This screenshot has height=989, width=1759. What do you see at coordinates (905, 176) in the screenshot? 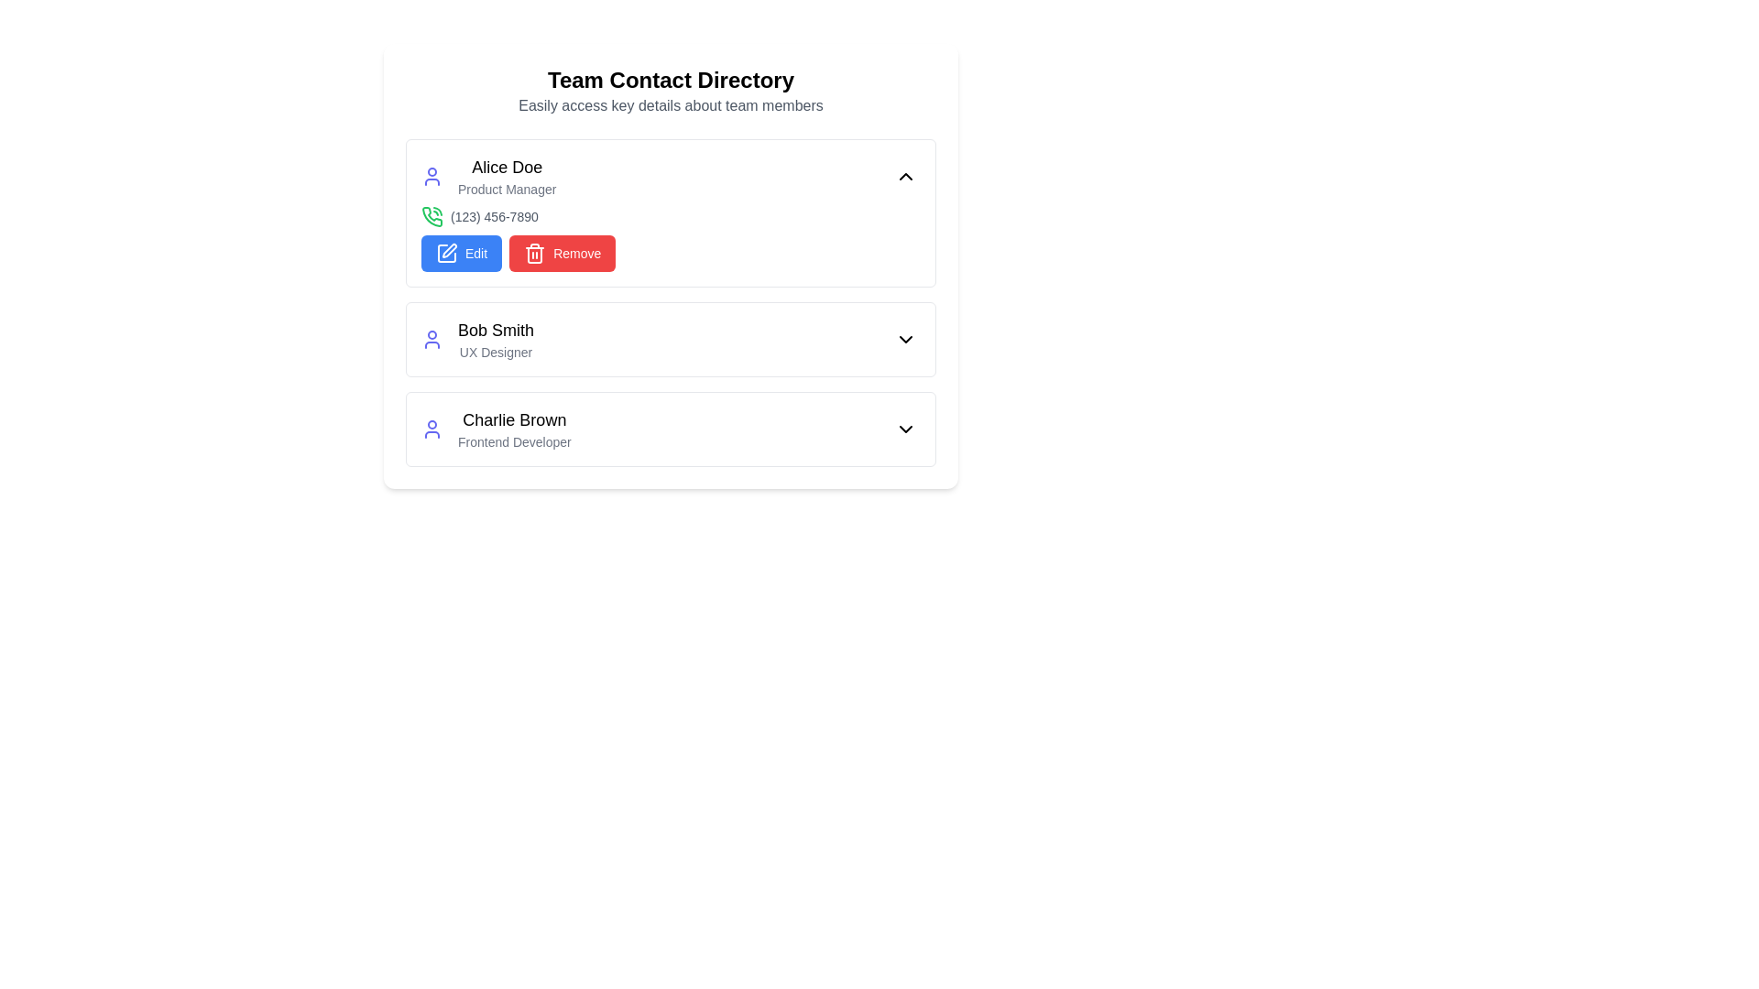
I see `the triangular arrow icon pointing upward, which is a Toggle button located in the top right corner of the box containing 'Alice Doe, Product Manager'` at bounding box center [905, 176].